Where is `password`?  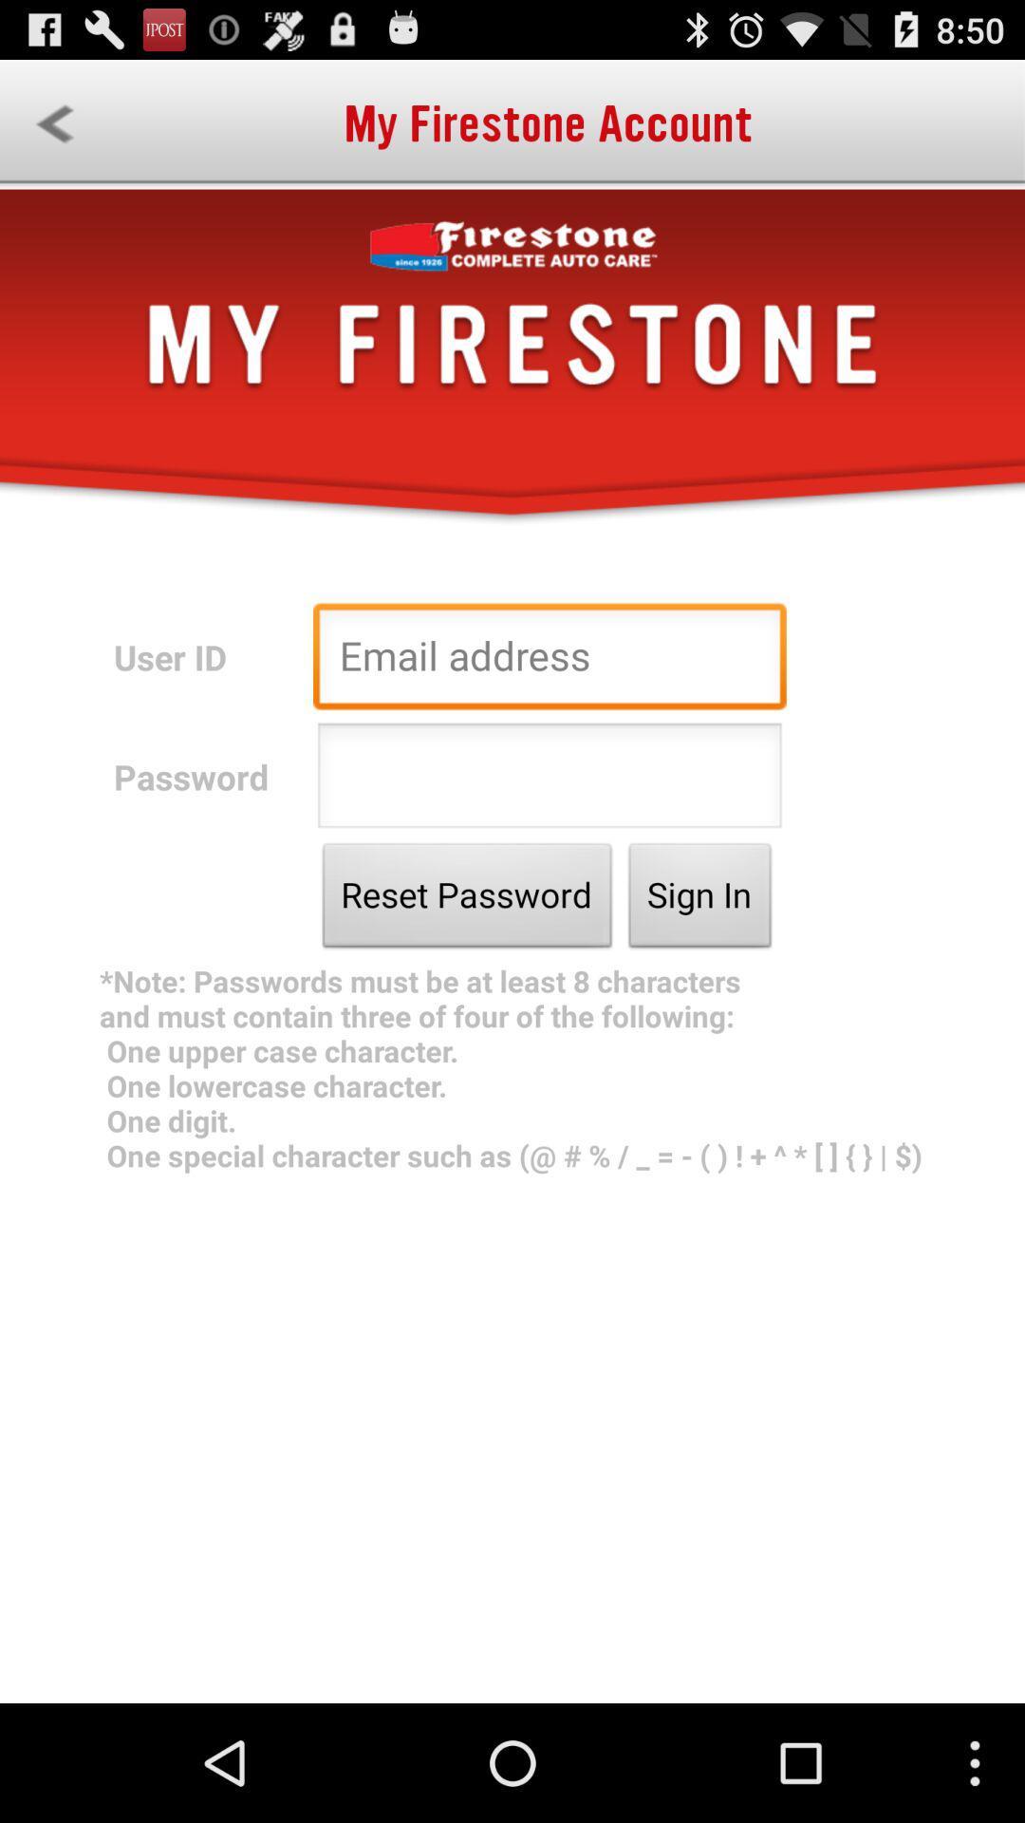
password is located at coordinates (550, 780).